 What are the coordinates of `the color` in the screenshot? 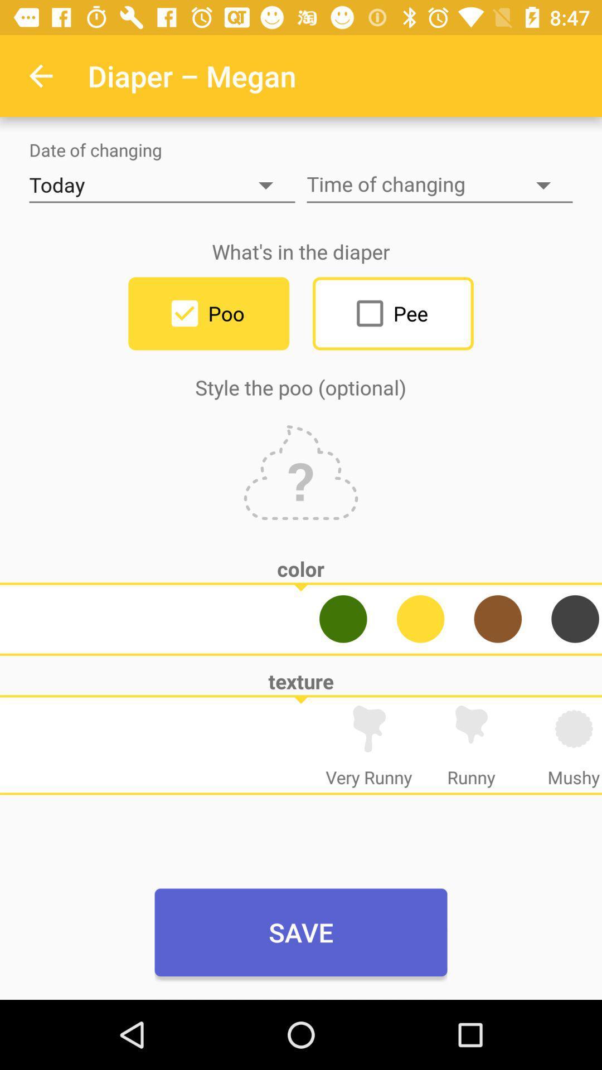 It's located at (497, 618).